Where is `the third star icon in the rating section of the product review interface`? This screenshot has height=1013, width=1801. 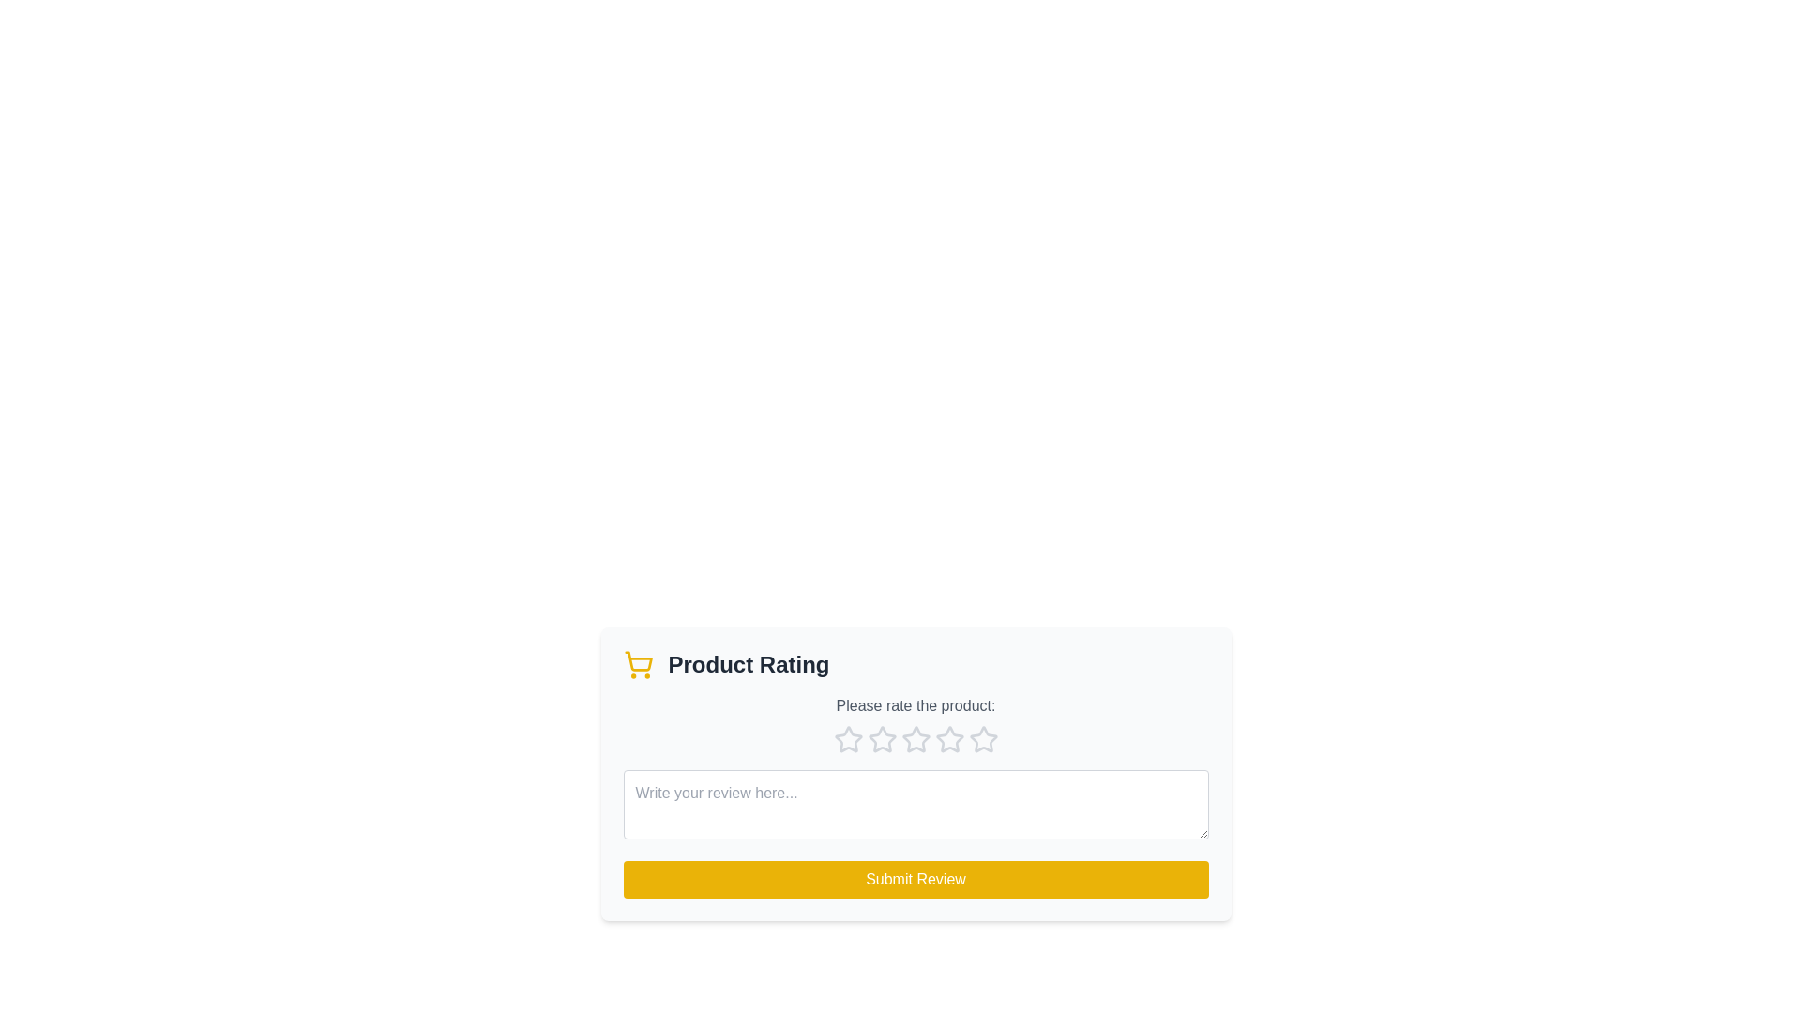 the third star icon in the rating section of the product review interface is located at coordinates (916, 738).